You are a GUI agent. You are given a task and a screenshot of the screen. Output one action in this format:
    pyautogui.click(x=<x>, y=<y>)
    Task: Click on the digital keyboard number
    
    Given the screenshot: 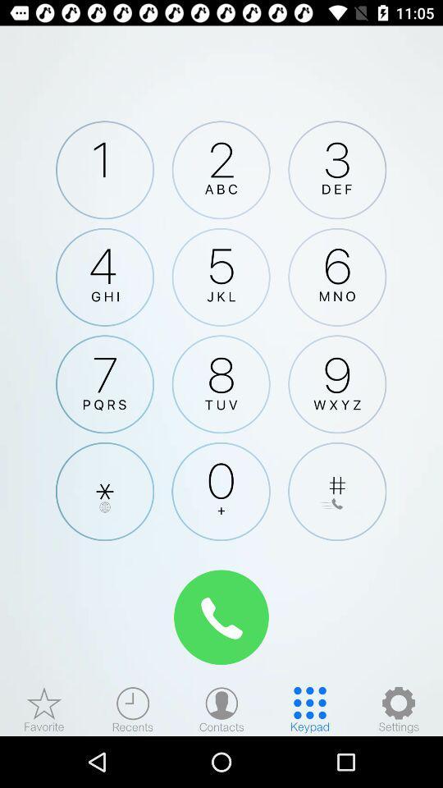 What is the action you would take?
    pyautogui.click(x=221, y=277)
    